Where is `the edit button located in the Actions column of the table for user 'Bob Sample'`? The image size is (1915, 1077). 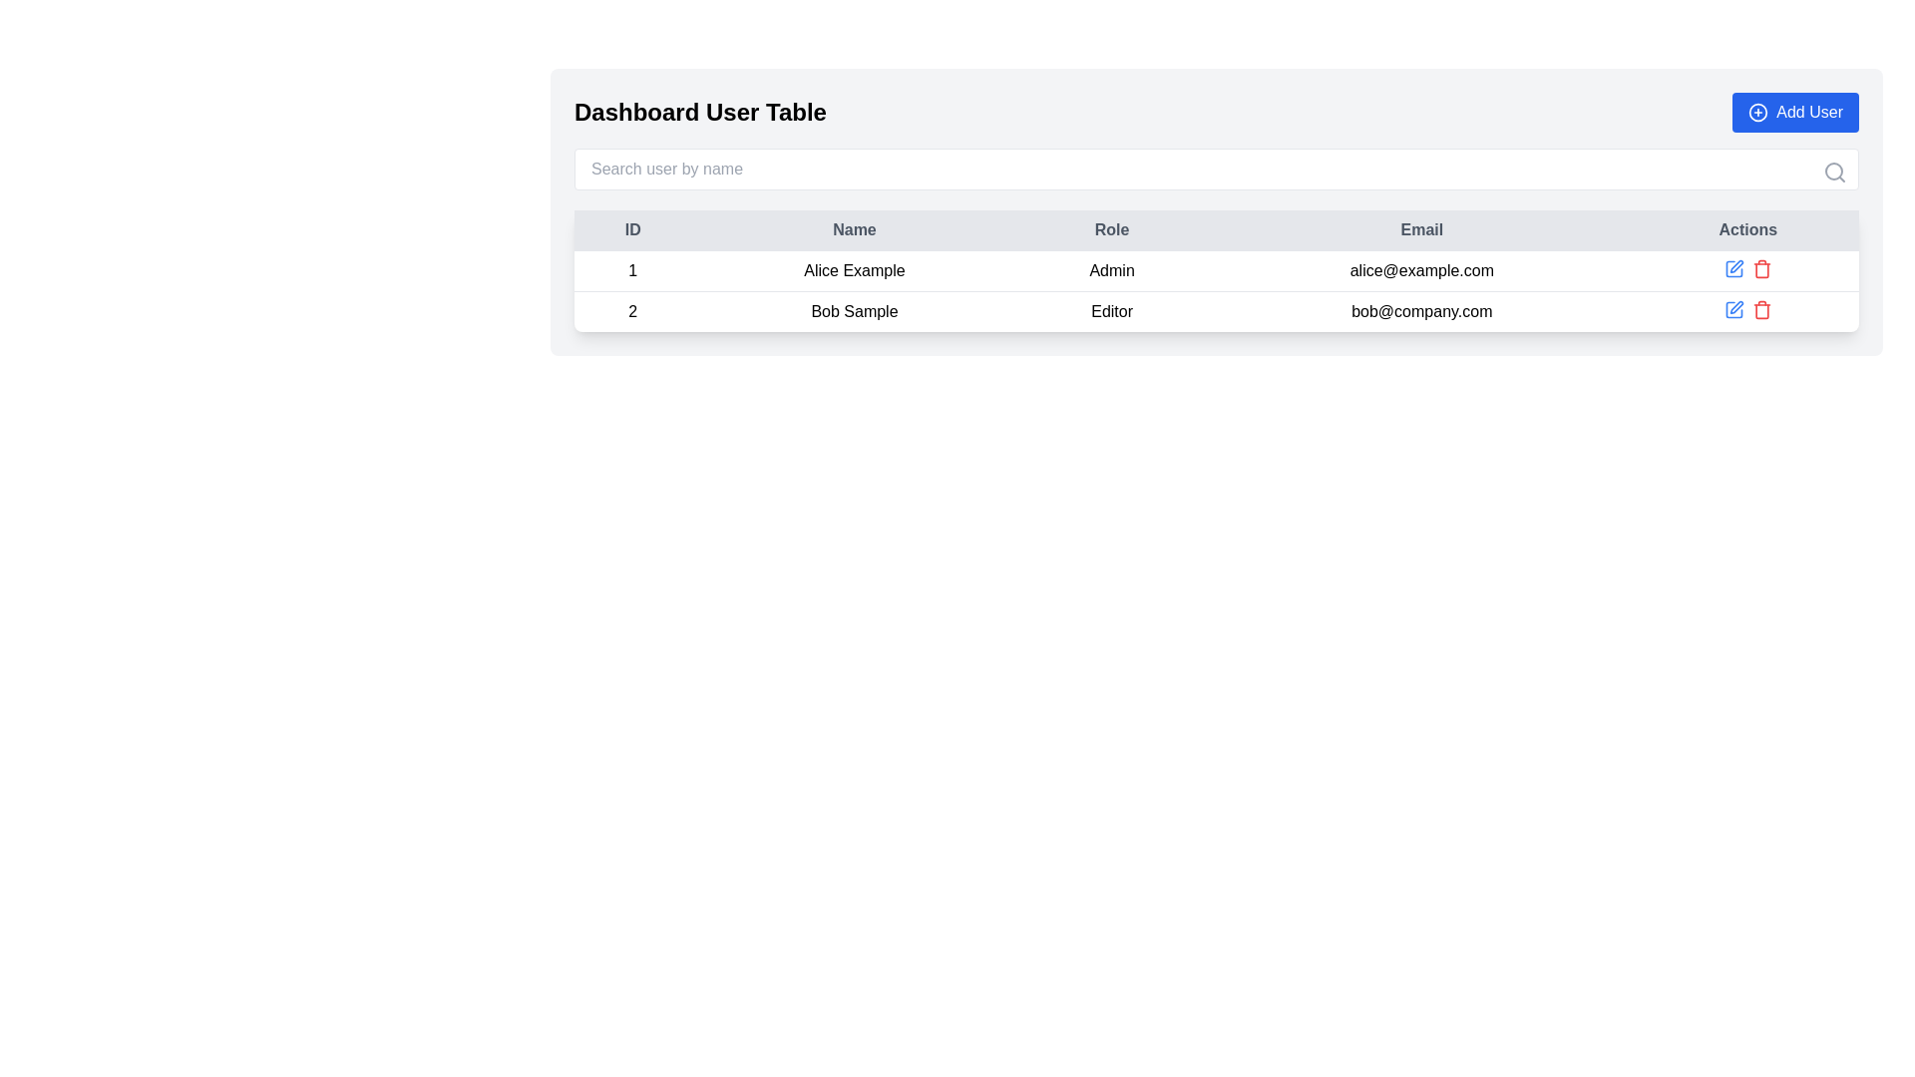 the edit button located in the Actions column of the table for user 'Bob Sample' is located at coordinates (1732, 310).